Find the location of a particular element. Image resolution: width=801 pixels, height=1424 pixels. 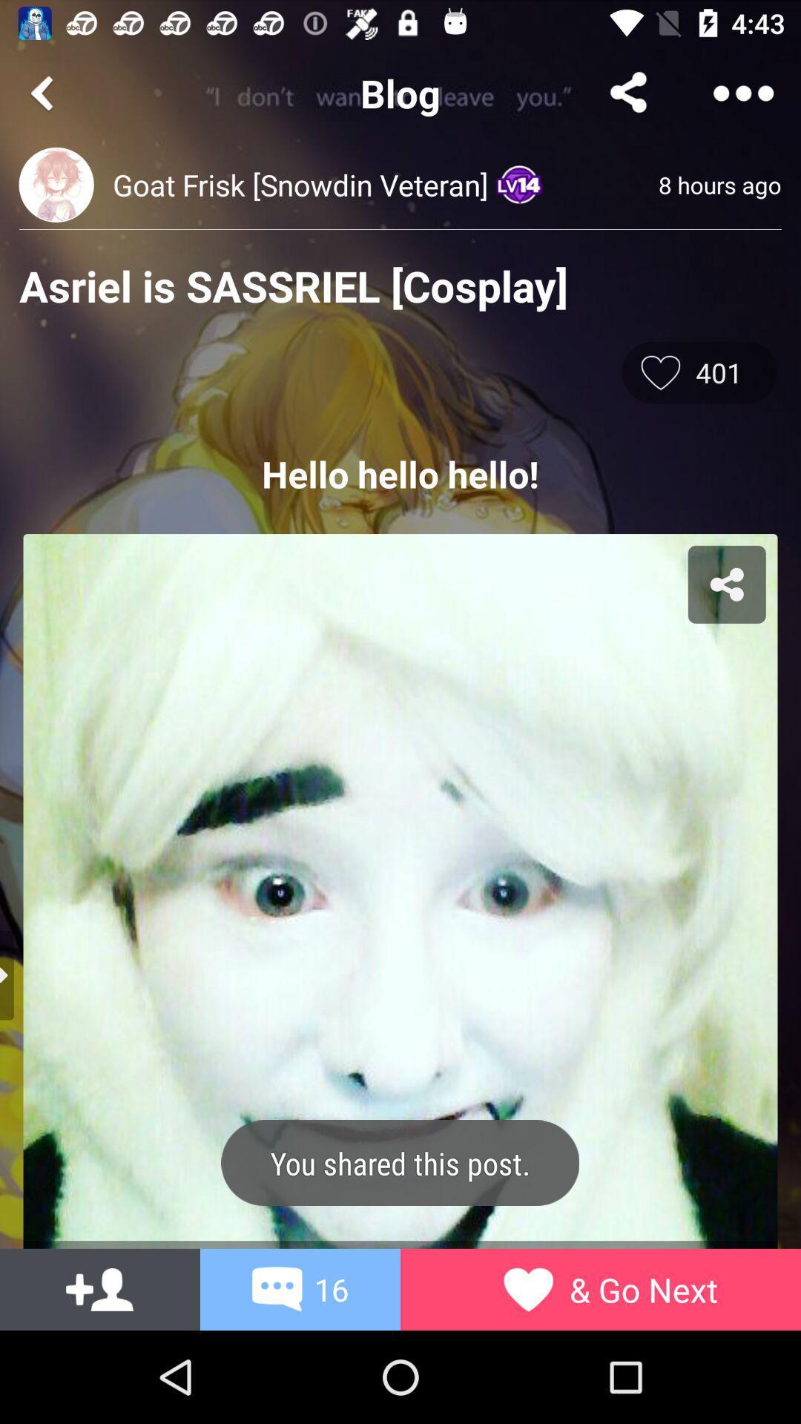

menu button is located at coordinates (743, 92).